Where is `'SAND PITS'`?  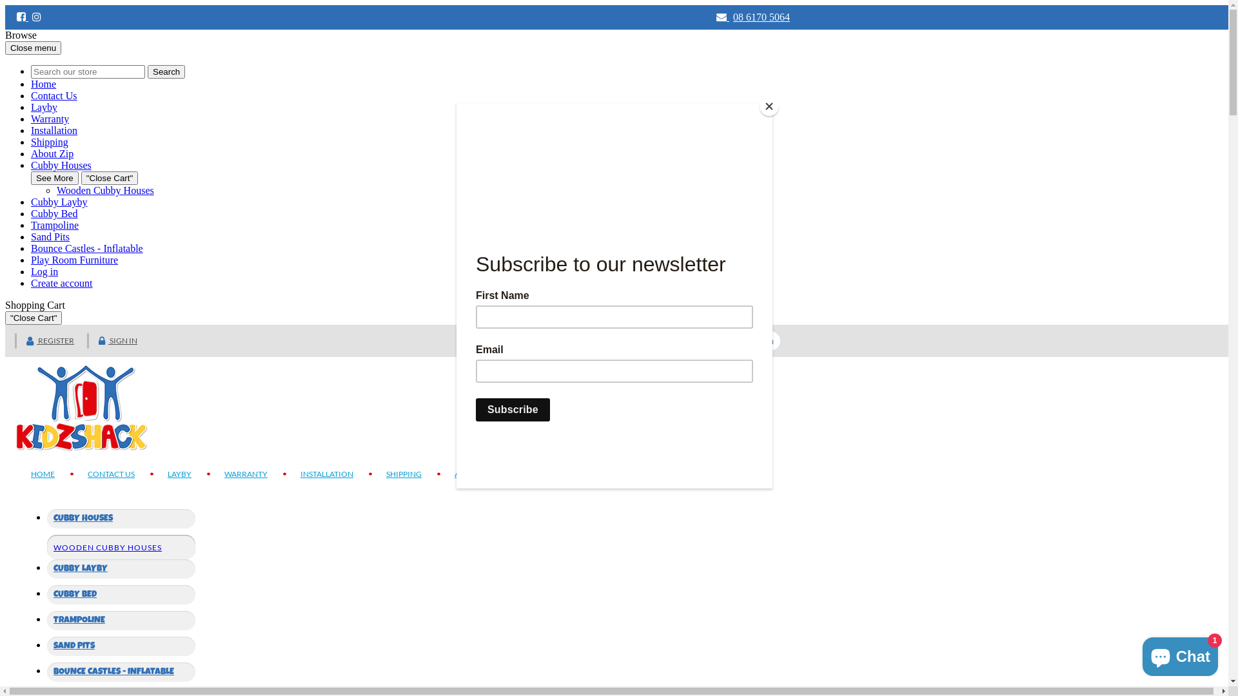
'SAND PITS' is located at coordinates (121, 646).